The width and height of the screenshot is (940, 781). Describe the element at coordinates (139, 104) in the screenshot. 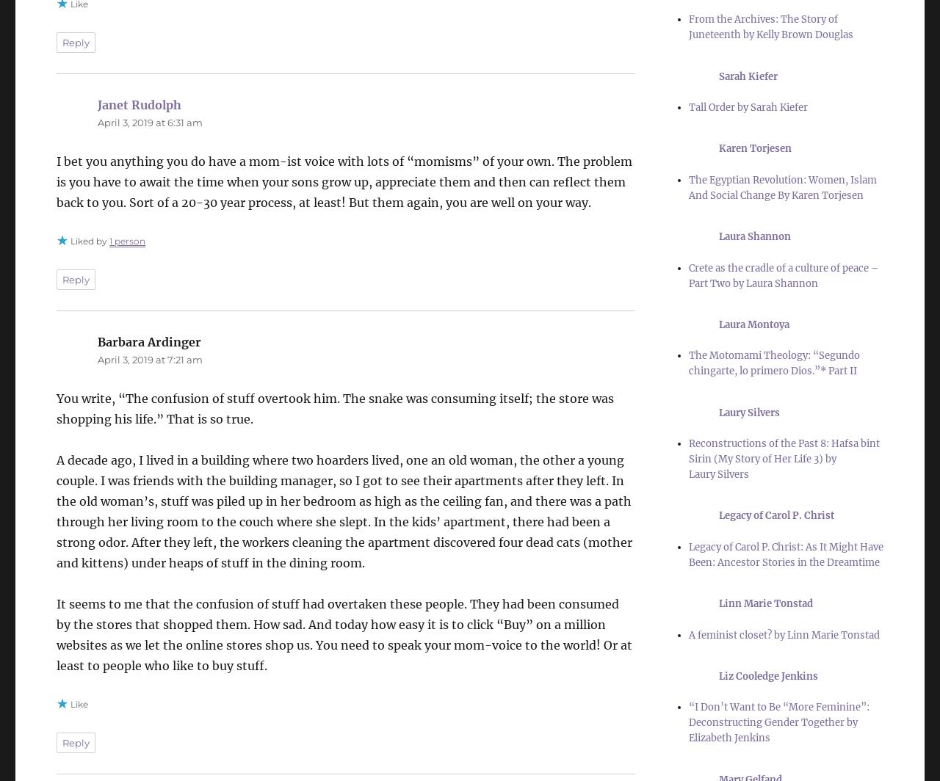

I see `'Janet Rudolph'` at that location.